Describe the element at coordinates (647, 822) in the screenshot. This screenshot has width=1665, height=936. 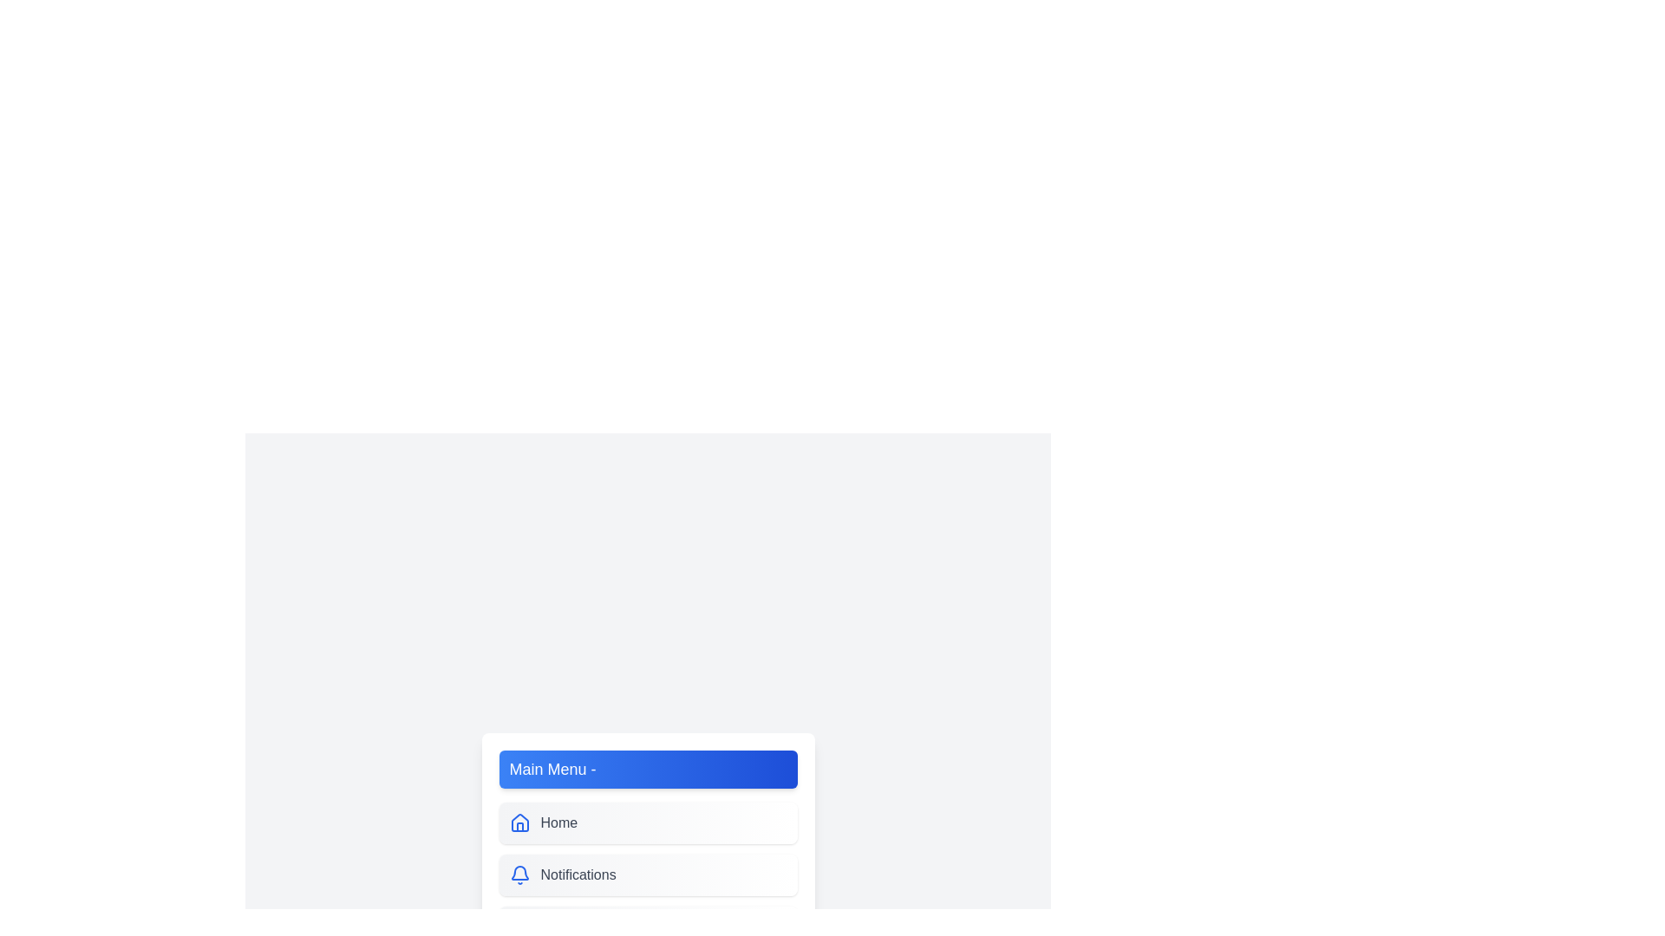
I see `the menu item Home` at that location.